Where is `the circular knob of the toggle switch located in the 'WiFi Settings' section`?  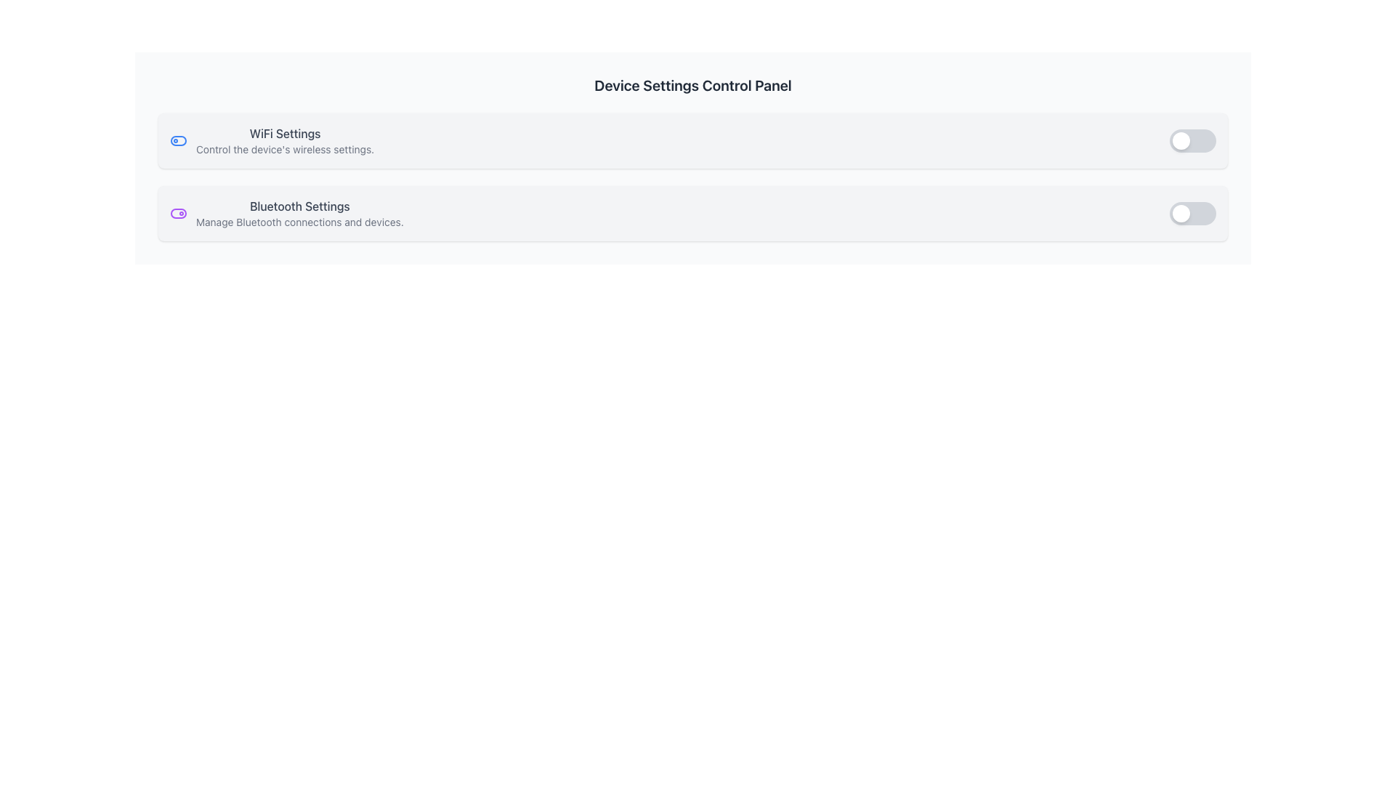 the circular knob of the toggle switch located in the 'WiFi Settings' section is located at coordinates (1192, 140).